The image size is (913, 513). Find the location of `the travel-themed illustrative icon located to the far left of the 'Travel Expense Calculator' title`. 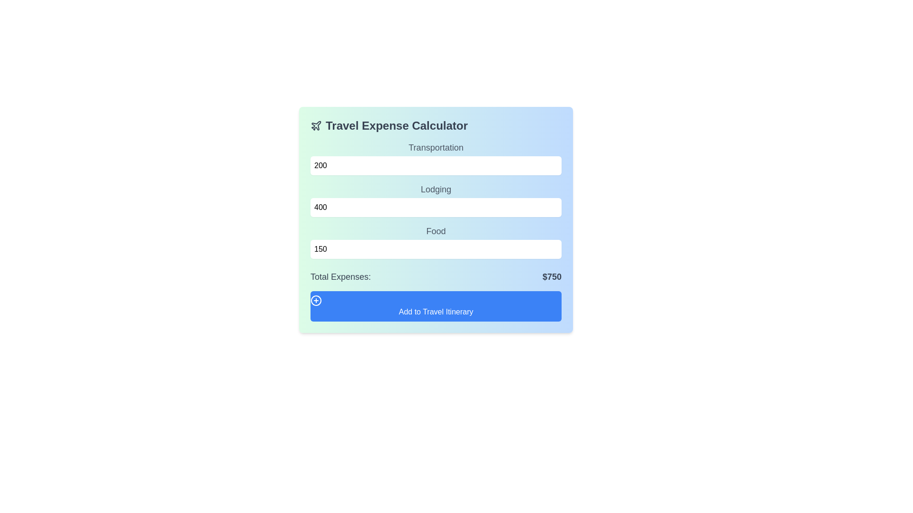

the travel-themed illustrative icon located to the far left of the 'Travel Expense Calculator' title is located at coordinates (316, 125).